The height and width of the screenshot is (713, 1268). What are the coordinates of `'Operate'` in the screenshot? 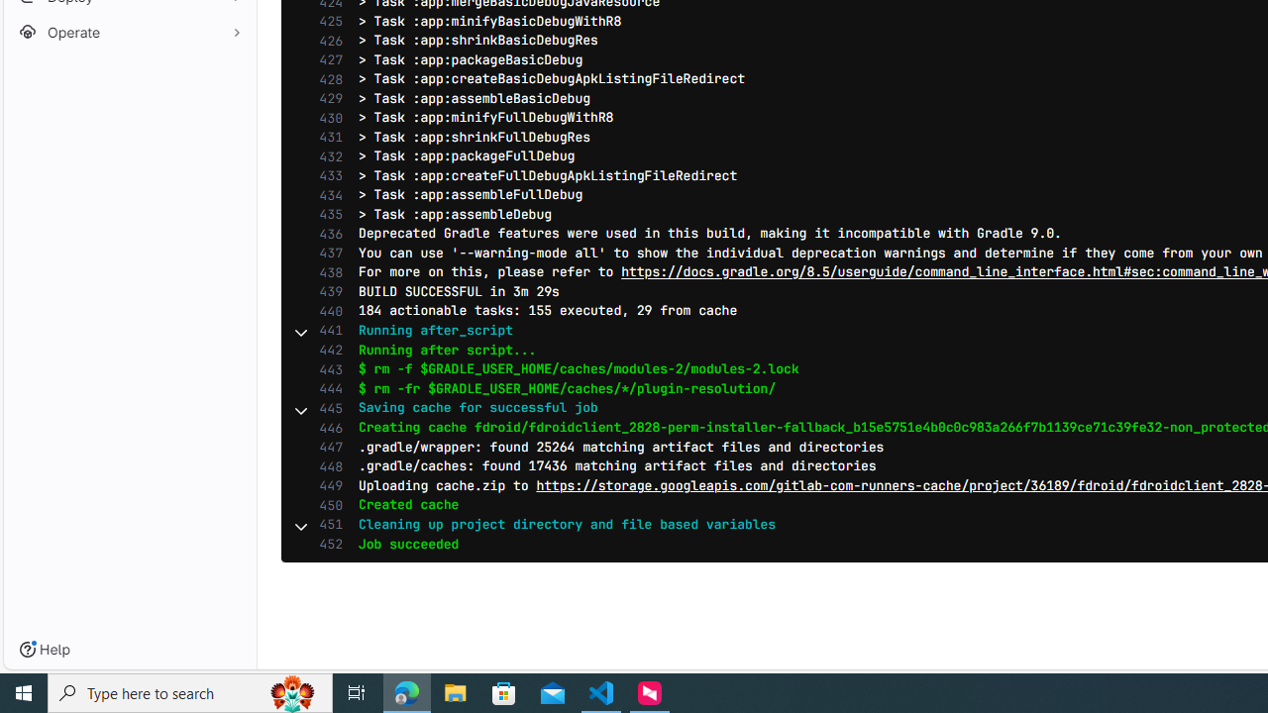 It's located at (129, 32).